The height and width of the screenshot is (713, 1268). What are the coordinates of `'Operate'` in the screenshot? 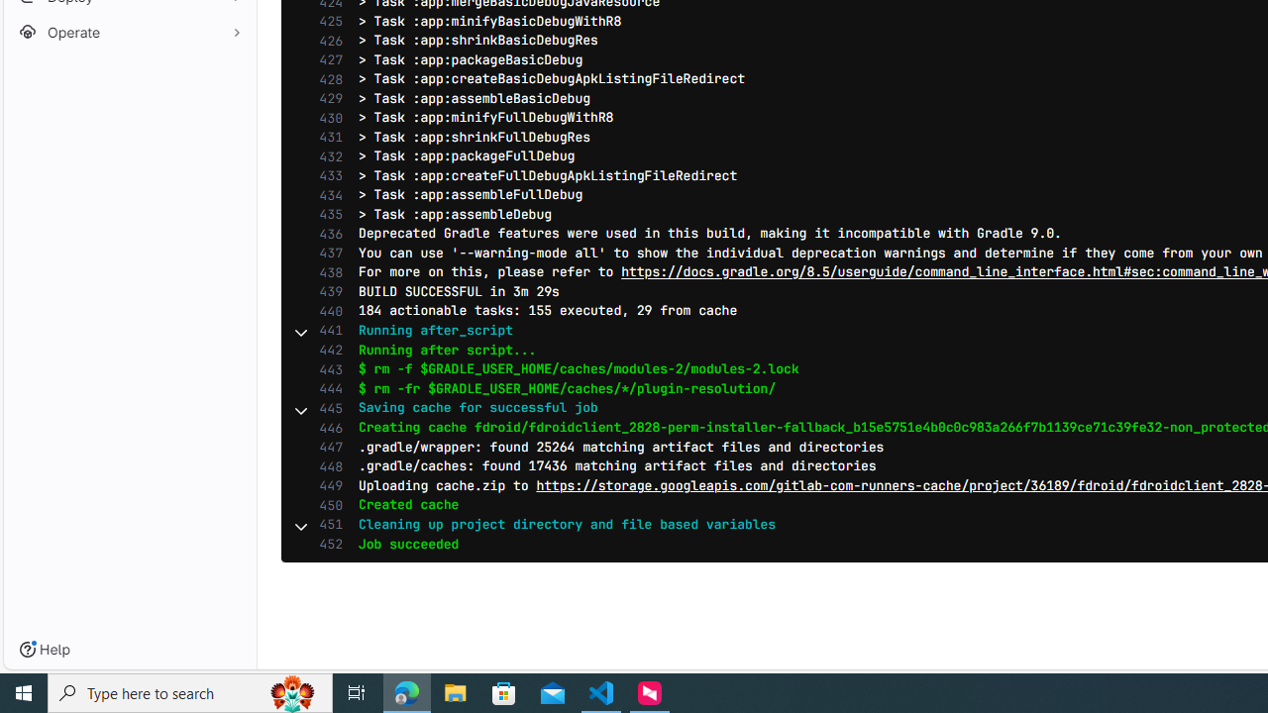 It's located at (129, 32).